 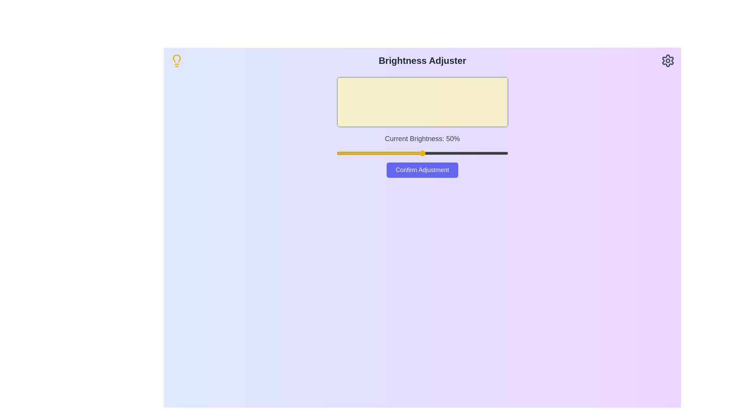 I want to click on the brightness slider to 64%, so click(x=446, y=153).